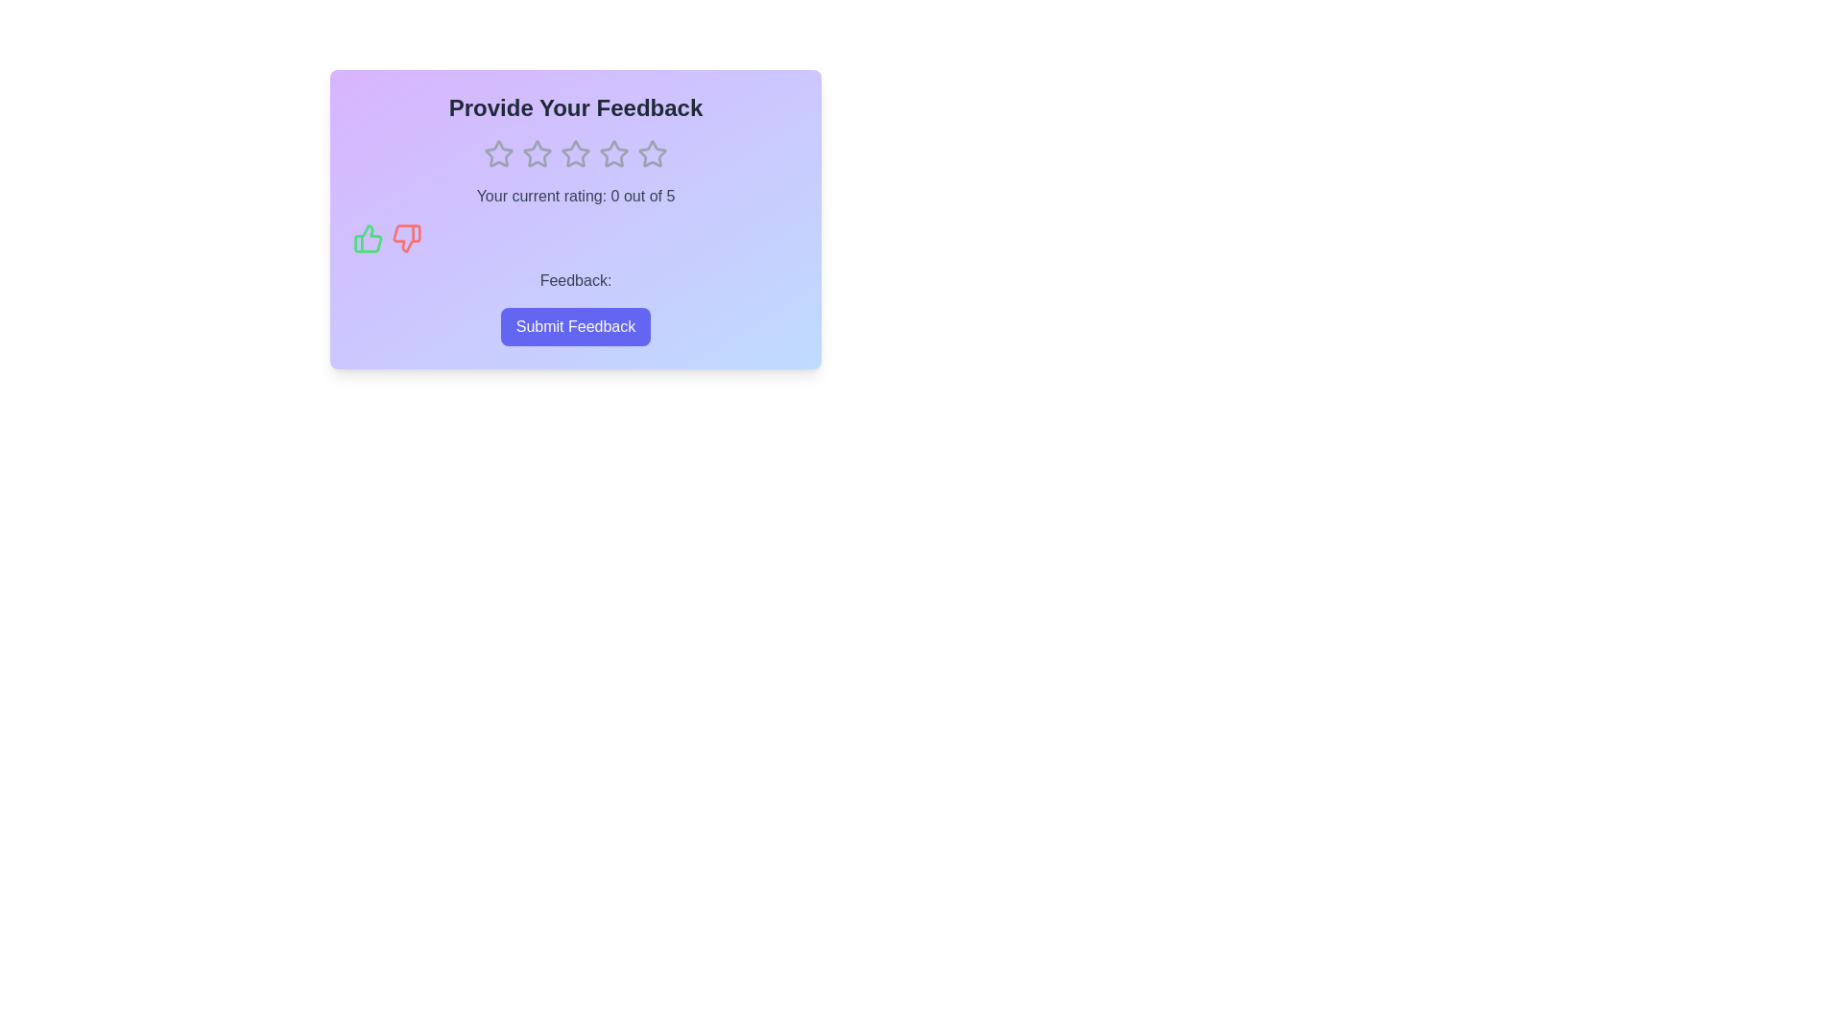 The image size is (1843, 1036). What do you see at coordinates (575, 325) in the screenshot?
I see `the 'Submit Feedback' button` at bounding box center [575, 325].